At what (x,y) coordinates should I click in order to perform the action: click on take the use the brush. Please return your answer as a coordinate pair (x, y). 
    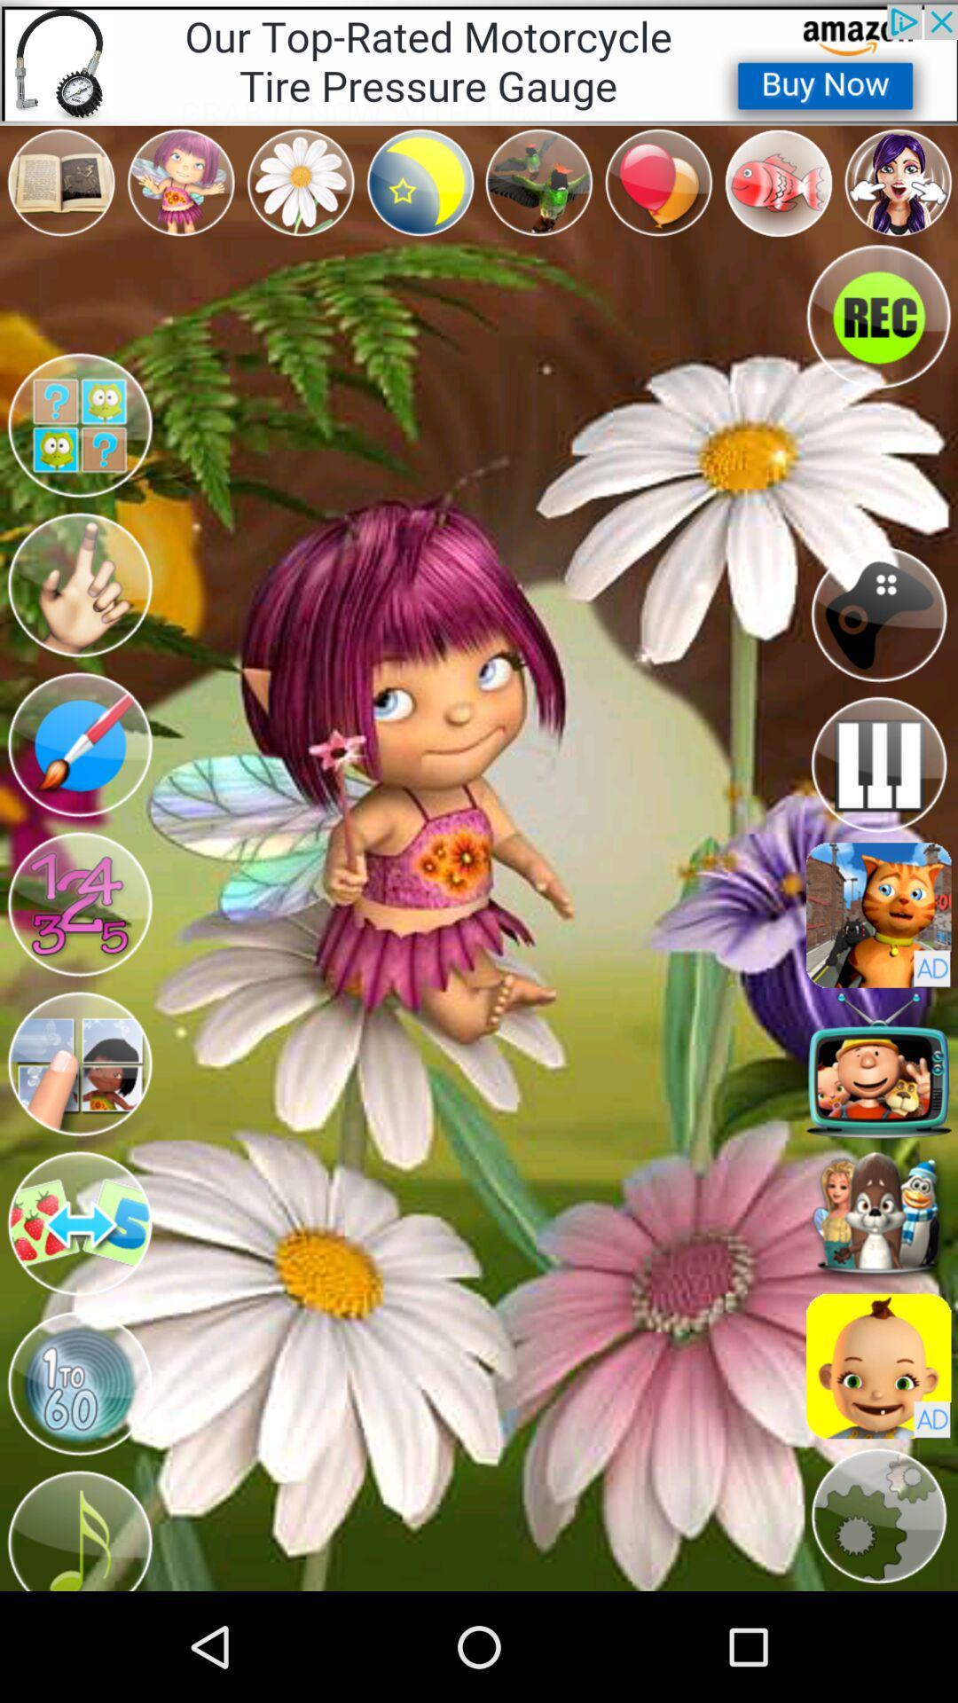
    Looking at the image, I should click on (78, 745).